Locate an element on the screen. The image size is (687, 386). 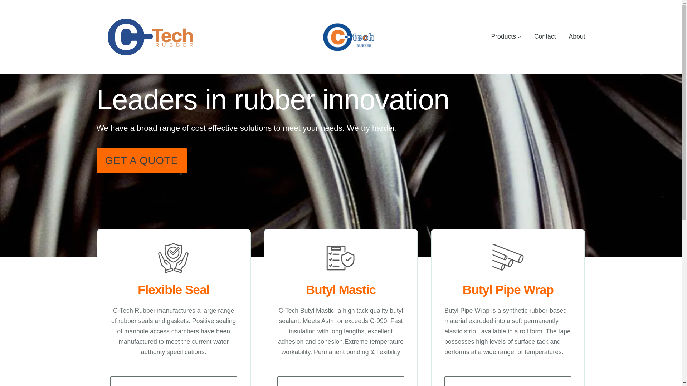
'Butyl Pipe Wrap' is located at coordinates (508, 289).